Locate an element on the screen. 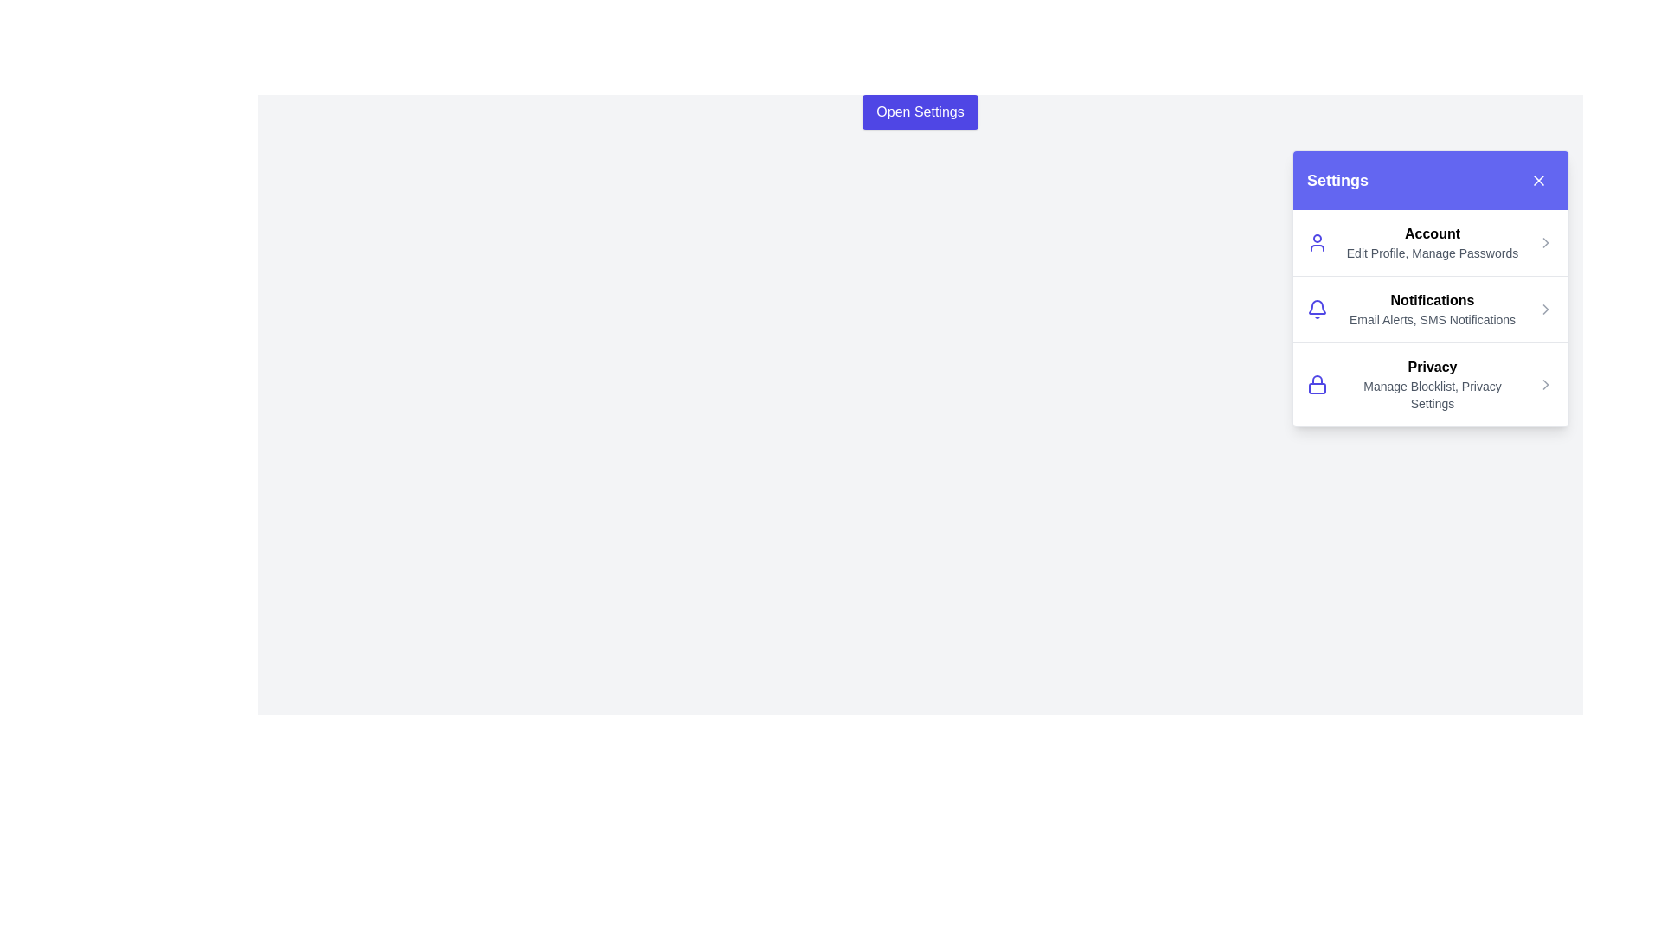 The height and width of the screenshot is (934, 1661). the bolded title of the 'Privacy' section in the settings menu, which is positioned above the descriptive text 'Manage Blocklist, Privacy Settings' and below the 'Notifications' section is located at coordinates (1433, 366).